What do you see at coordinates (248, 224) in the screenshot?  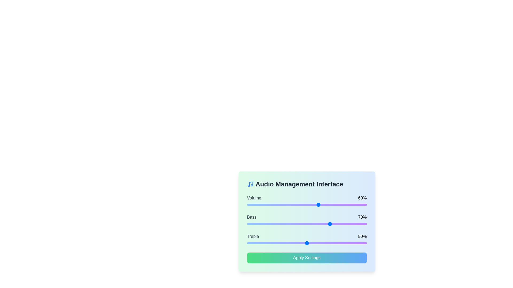 I see `the bass level` at bounding box center [248, 224].